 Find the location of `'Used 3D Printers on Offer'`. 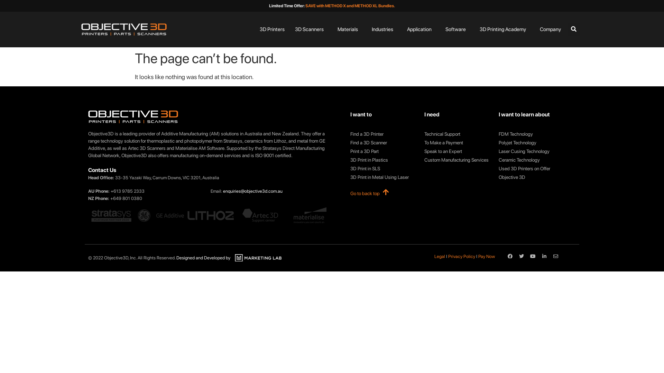

'Used 3D Printers on Offer' is located at coordinates (498, 169).